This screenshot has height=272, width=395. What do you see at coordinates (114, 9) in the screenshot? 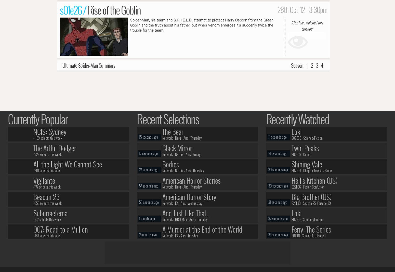
I see `'Rise of the Goblin'` at bounding box center [114, 9].